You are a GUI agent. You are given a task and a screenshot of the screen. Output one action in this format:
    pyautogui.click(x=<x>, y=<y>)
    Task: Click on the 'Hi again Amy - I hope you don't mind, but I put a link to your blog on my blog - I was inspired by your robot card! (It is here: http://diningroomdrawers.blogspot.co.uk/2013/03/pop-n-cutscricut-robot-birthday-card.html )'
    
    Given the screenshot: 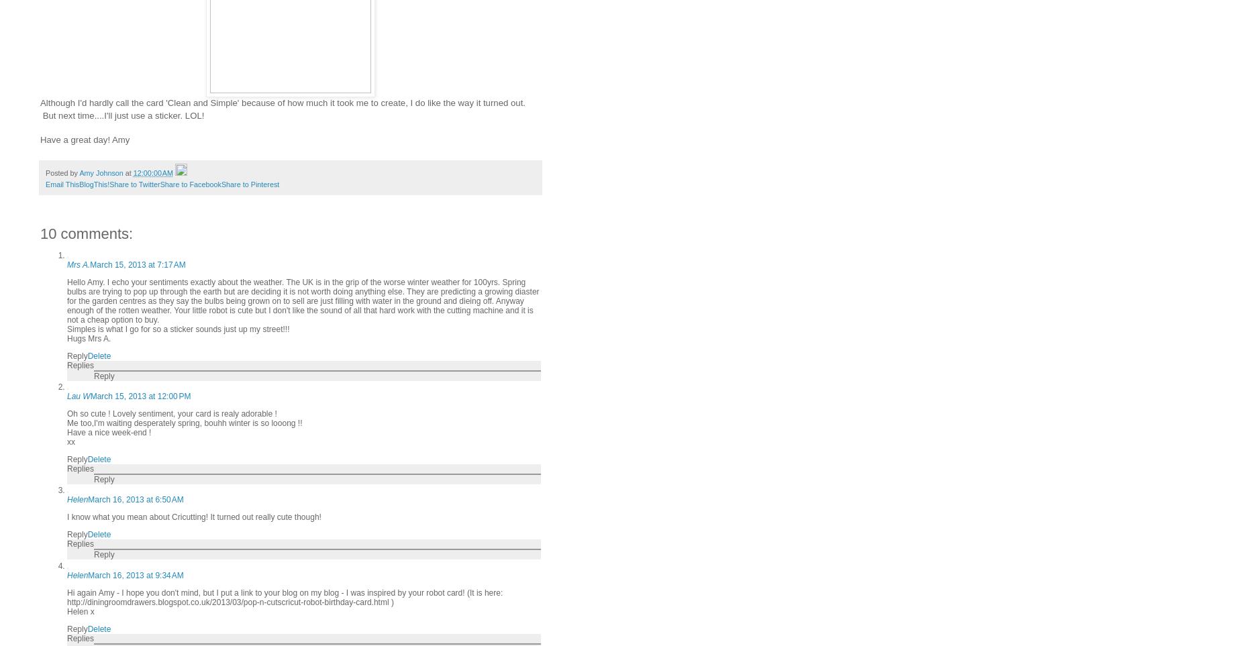 What is the action you would take?
    pyautogui.click(x=284, y=596)
    